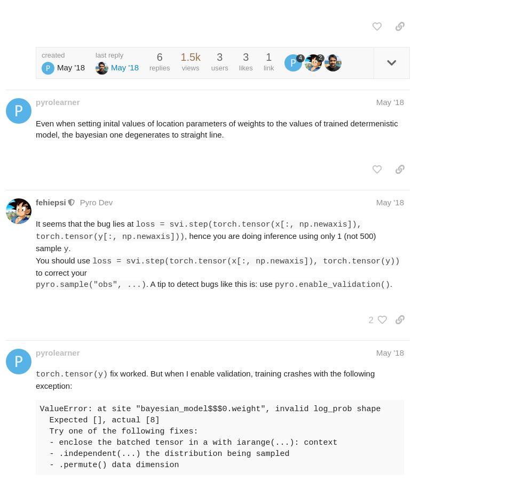 This screenshot has height=481, width=507. What do you see at coordinates (64, 259) in the screenshot?
I see `'You should use'` at bounding box center [64, 259].